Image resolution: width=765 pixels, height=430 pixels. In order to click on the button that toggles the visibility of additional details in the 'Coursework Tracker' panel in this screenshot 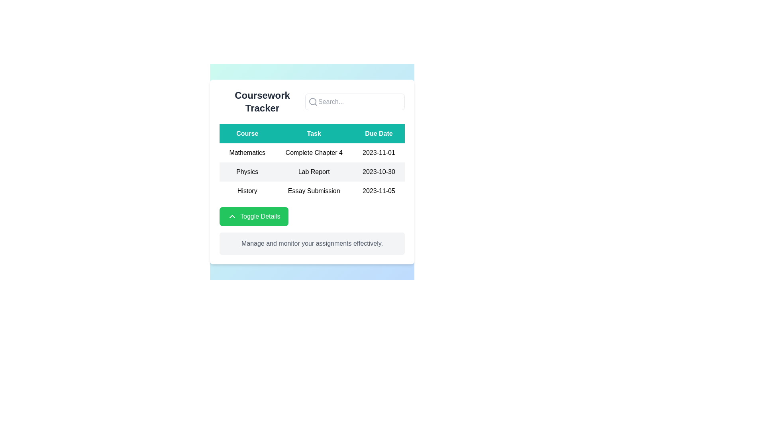, I will do `click(253, 216)`.